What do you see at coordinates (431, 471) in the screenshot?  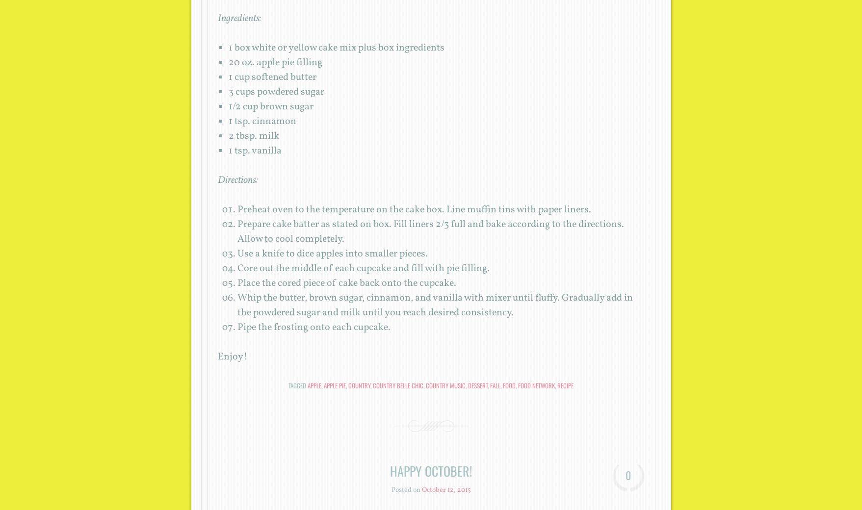 I see `'Happy October!'` at bounding box center [431, 471].